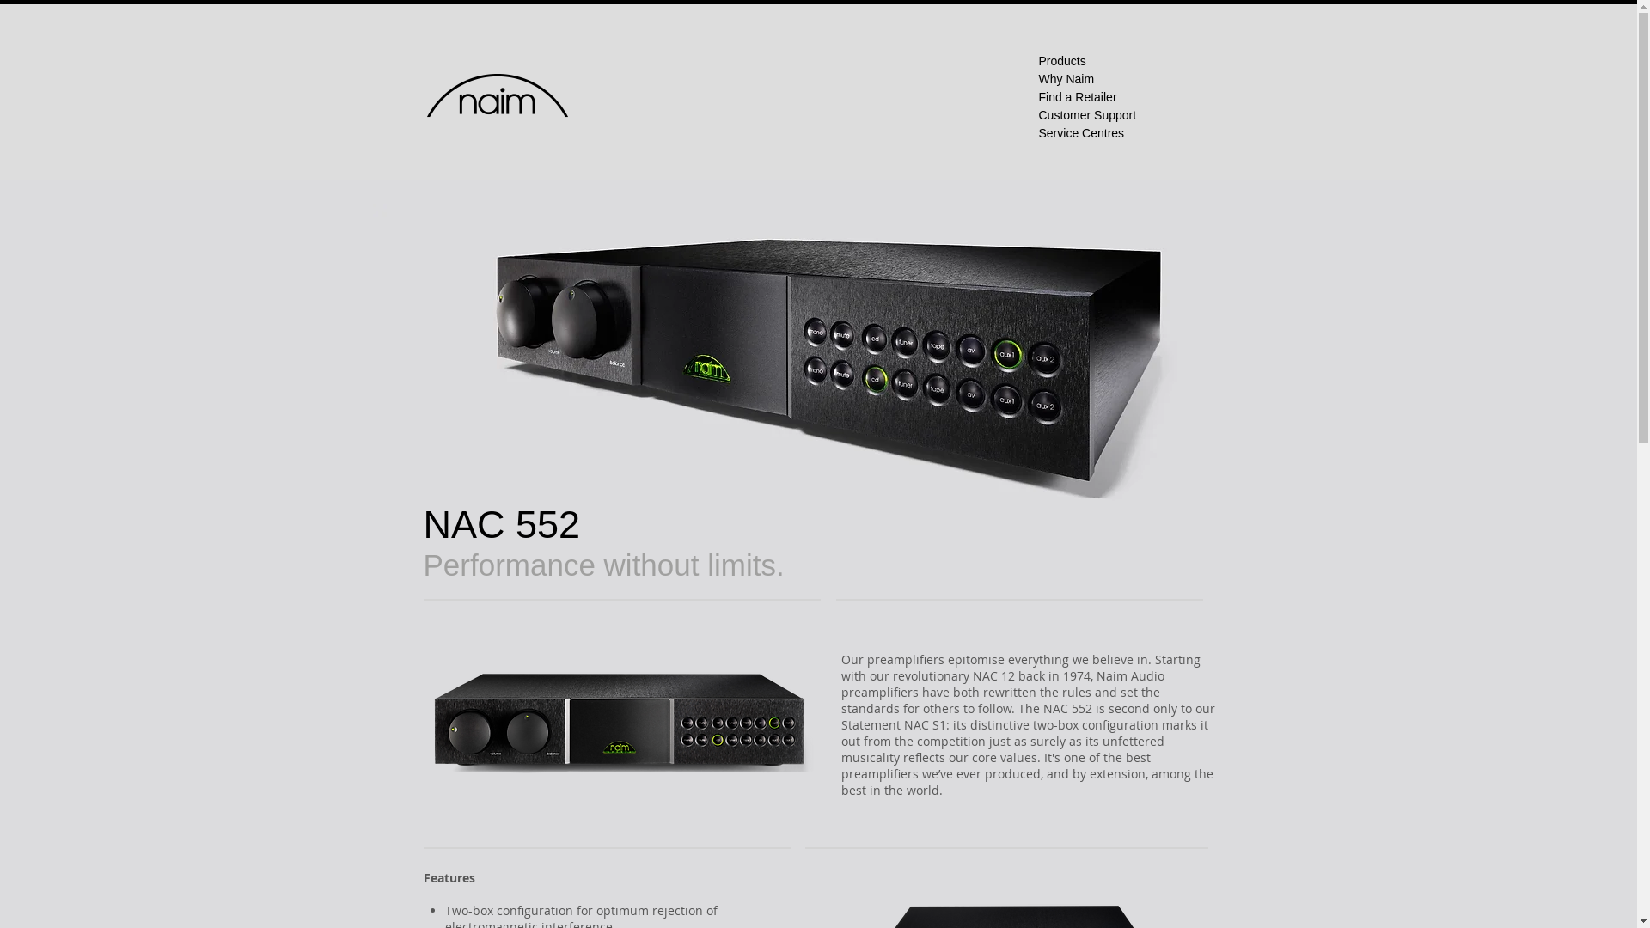 The image size is (1650, 928). What do you see at coordinates (1086, 115) in the screenshot?
I see `'Customer Support'` at bounding box center [1086, 115].